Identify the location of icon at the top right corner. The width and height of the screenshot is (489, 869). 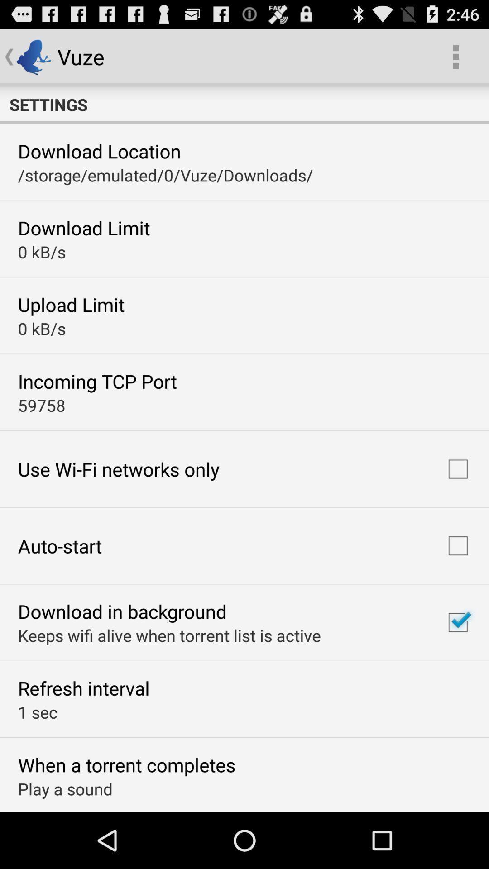
(455, 56).